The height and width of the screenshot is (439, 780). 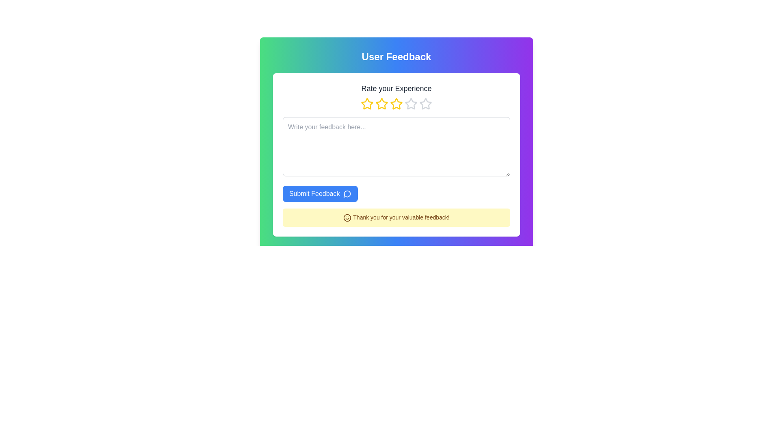 What do you see at coordinates (366, 103) in the screenshot?
I see `the first rating star icon` at bounding box center [366, 103].